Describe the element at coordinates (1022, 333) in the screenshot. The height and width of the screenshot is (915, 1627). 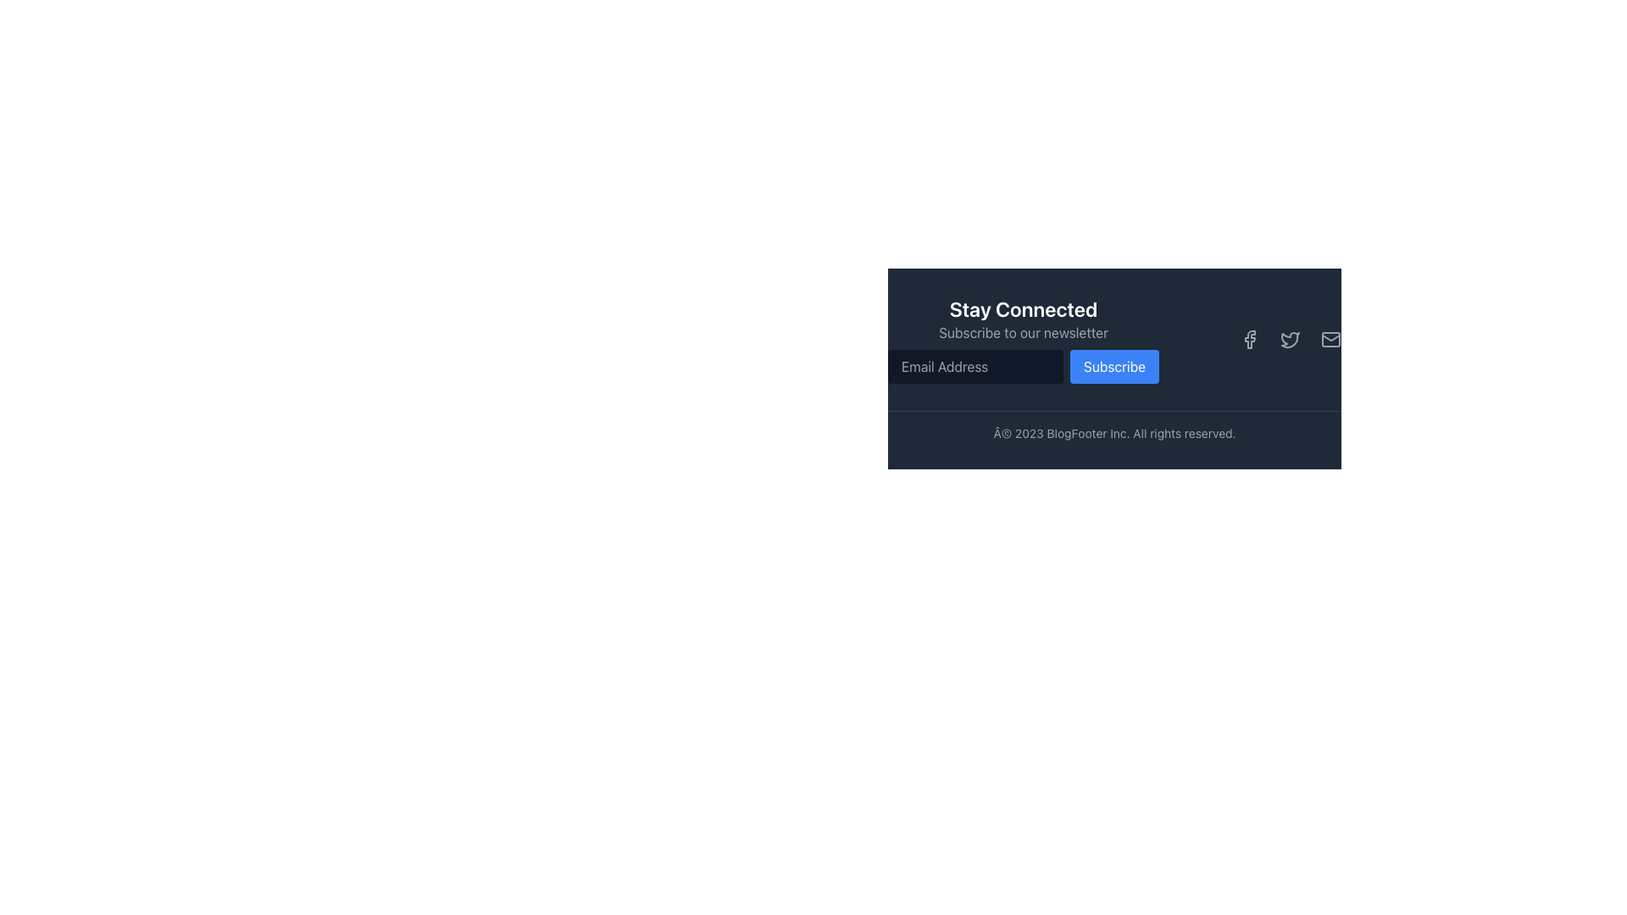
I see `the gray text 'Subscribe to our newsletter', which is located below the heading 'Stay Connected' and above the 'Email Address' input field` at that location.